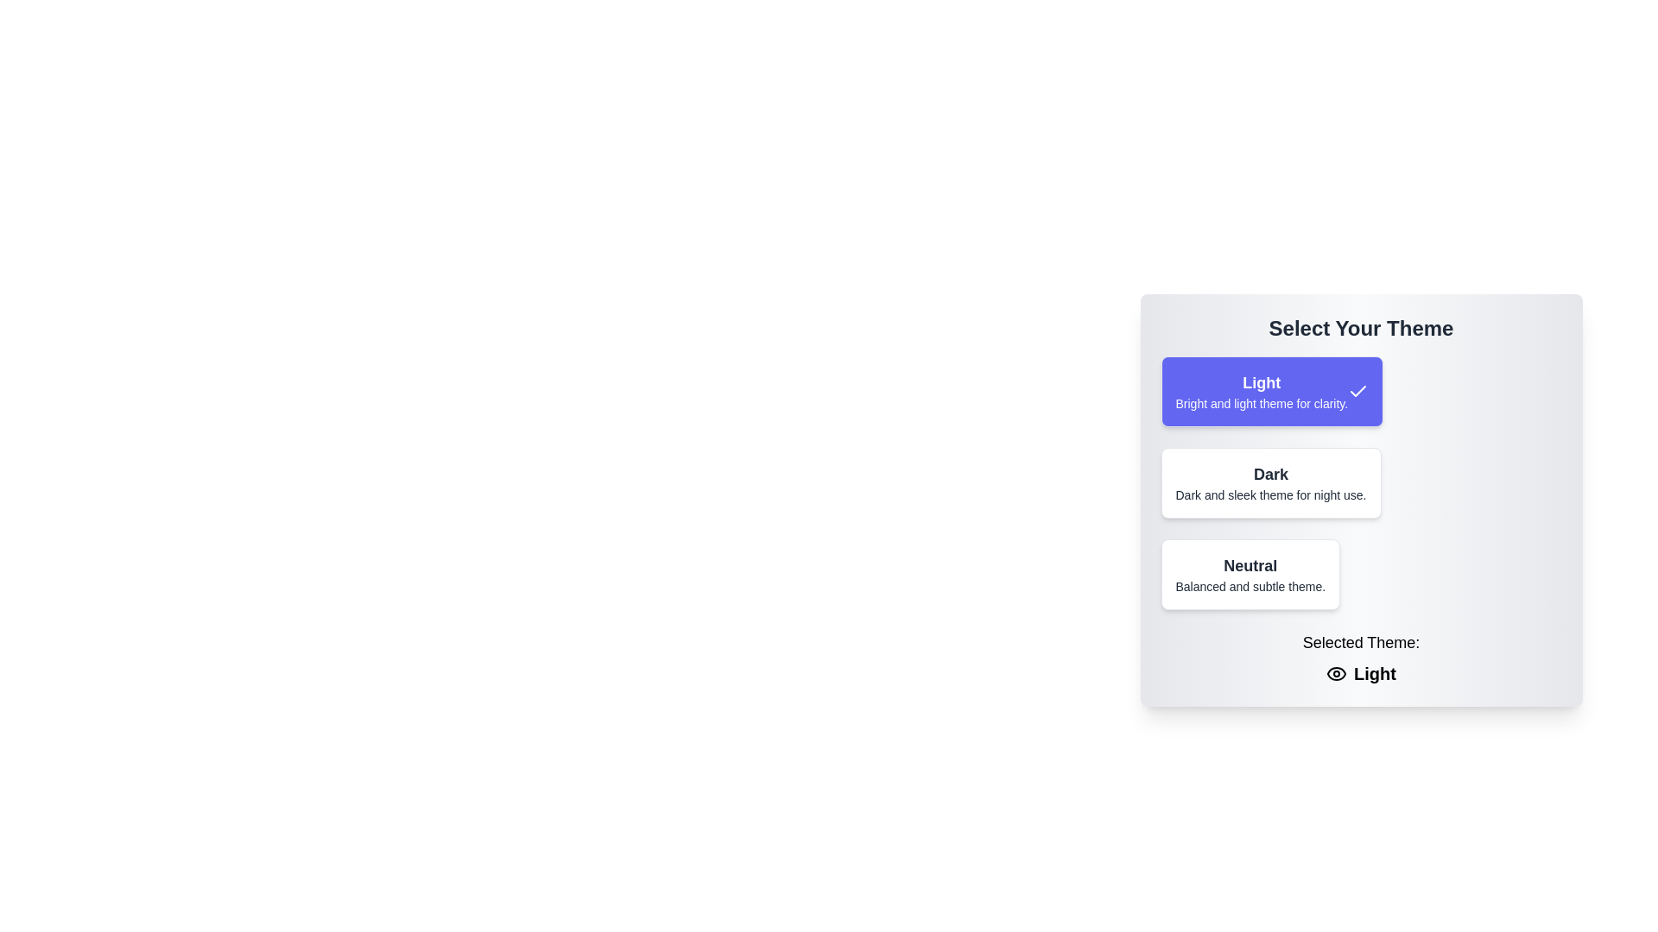 The height and width of the screenshot is (932, 1658). Describe the element at coordinates (1250, 575) in the screenshot. I see `the 'Neutral' theme selectable option box, which is the third option in a vertical list of theme selection boxes` at that location.